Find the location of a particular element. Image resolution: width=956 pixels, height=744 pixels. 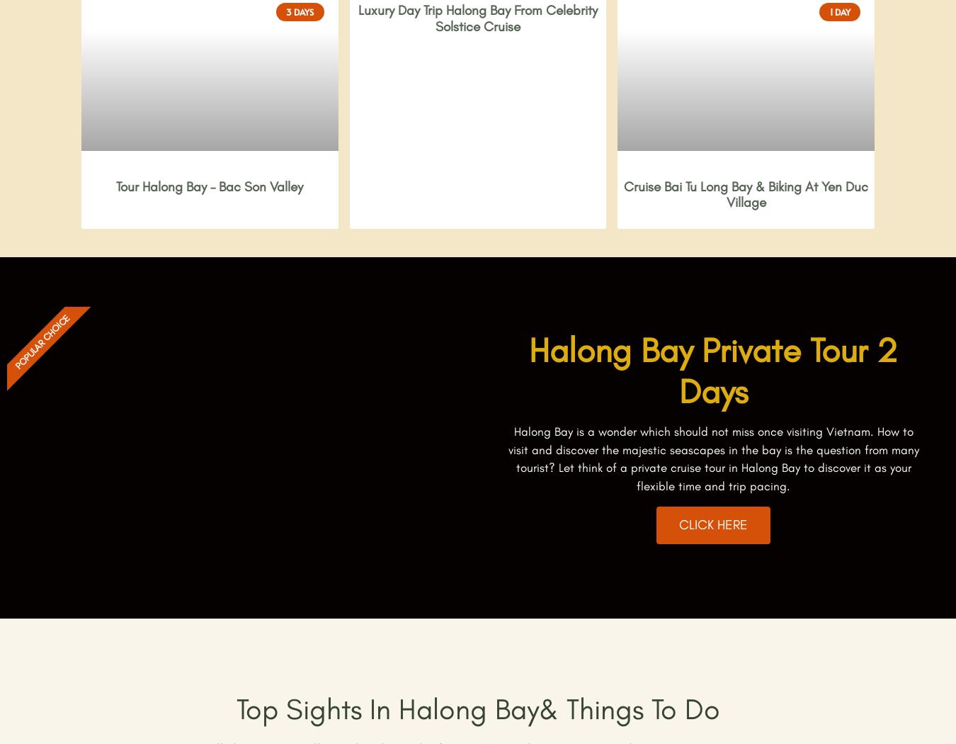

'Luxury Day Trip Halong Bay From Celebrity Solstice Cruise' is located at coordinates (477, 18).